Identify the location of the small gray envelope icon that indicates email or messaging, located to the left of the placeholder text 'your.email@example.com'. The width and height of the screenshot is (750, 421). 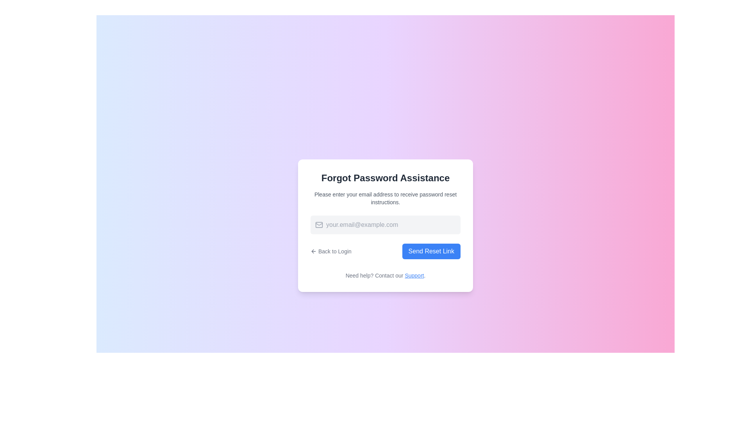
(319, 225).